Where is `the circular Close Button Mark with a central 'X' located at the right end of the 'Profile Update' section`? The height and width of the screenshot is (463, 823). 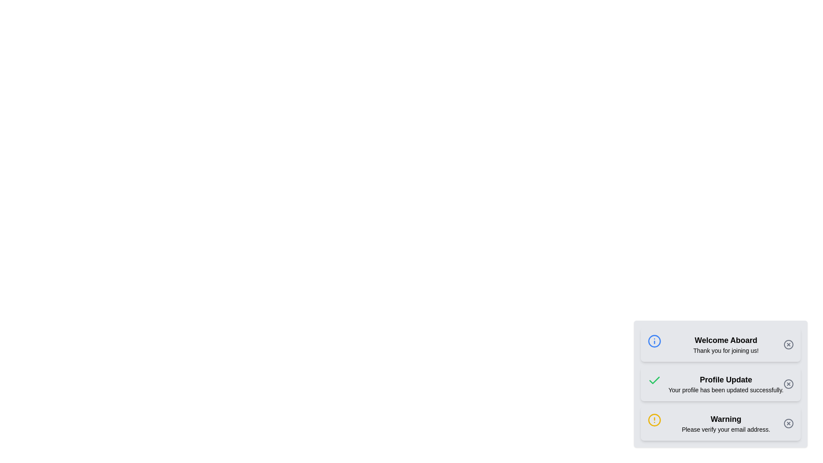 the circular Close Button Mark with a central 'X' located at the right end of the 'Profile Update' section is located at coordinates (788, 383).